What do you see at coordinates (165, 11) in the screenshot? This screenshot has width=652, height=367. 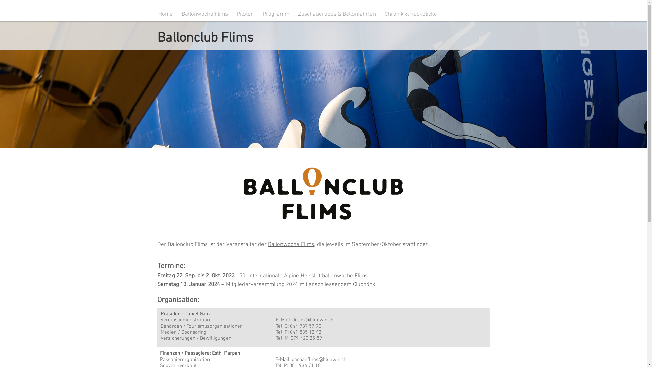 I see `'Home'` at bounding box center [165, 11].